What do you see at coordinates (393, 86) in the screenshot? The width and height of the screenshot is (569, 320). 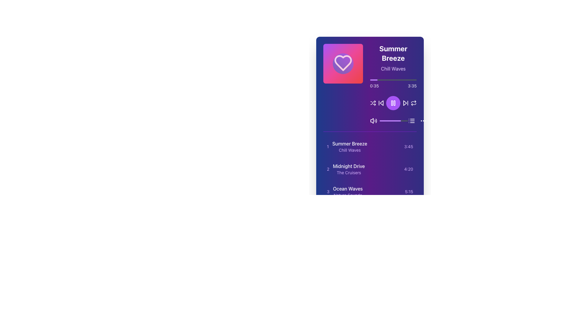 I see `the time range display component showing '0:35' on the left and '3:35' on the right, located beneath the progress bar in the music player interface` at bounding box center [393, 86].